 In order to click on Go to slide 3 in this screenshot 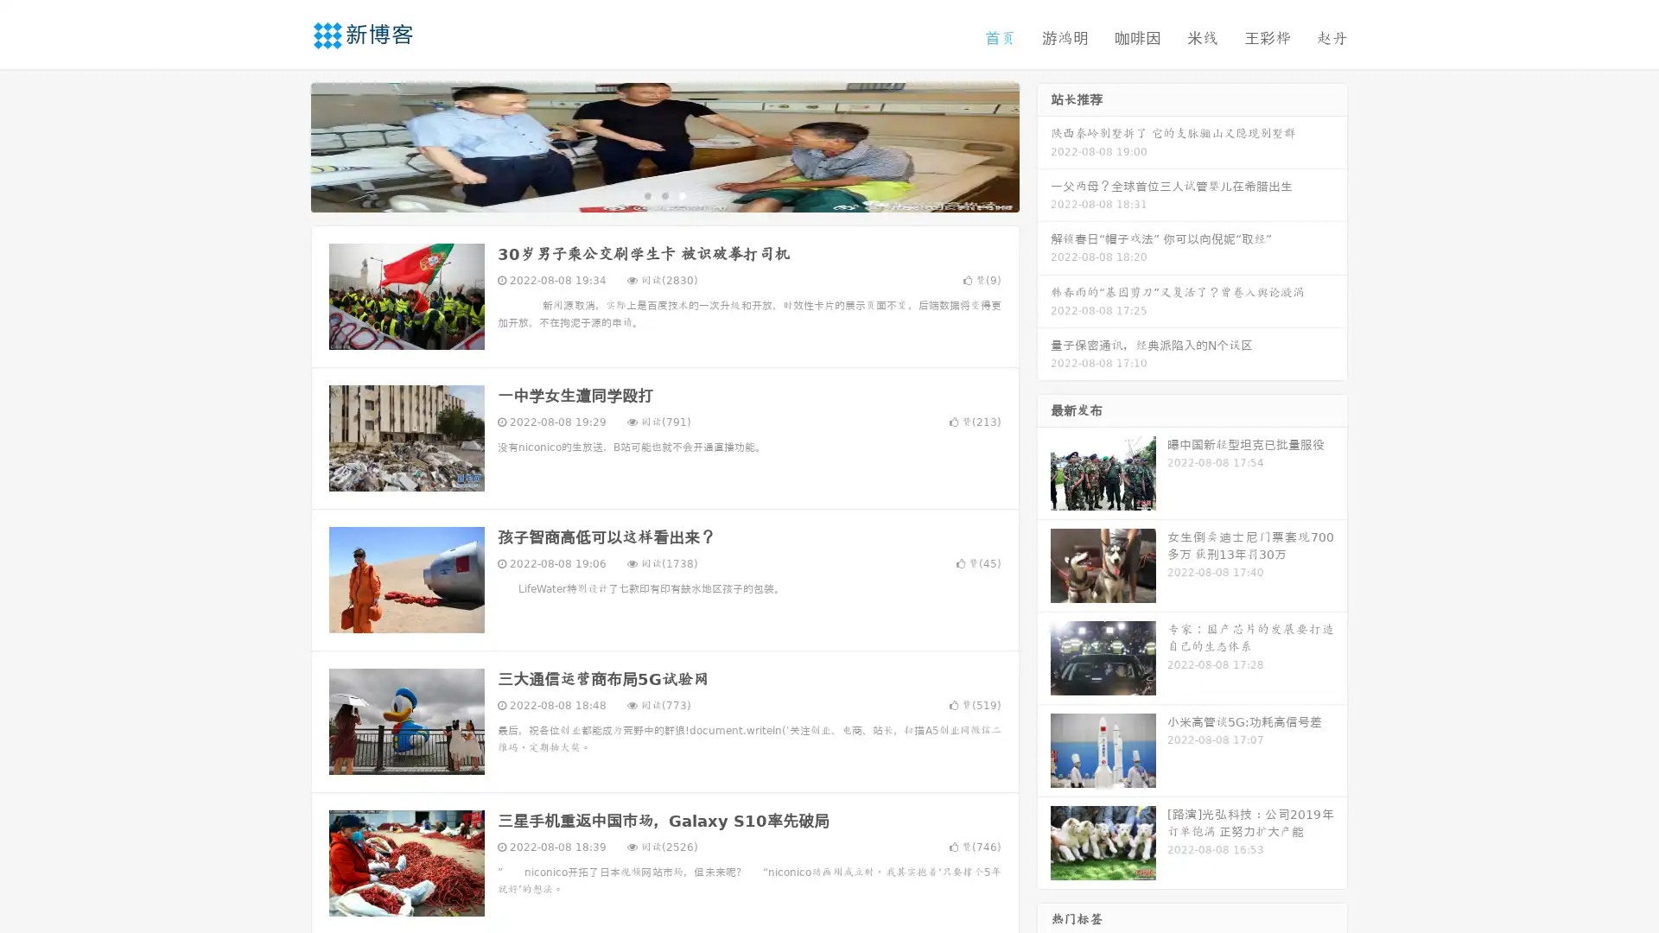, I will do `click(682, 194)`.